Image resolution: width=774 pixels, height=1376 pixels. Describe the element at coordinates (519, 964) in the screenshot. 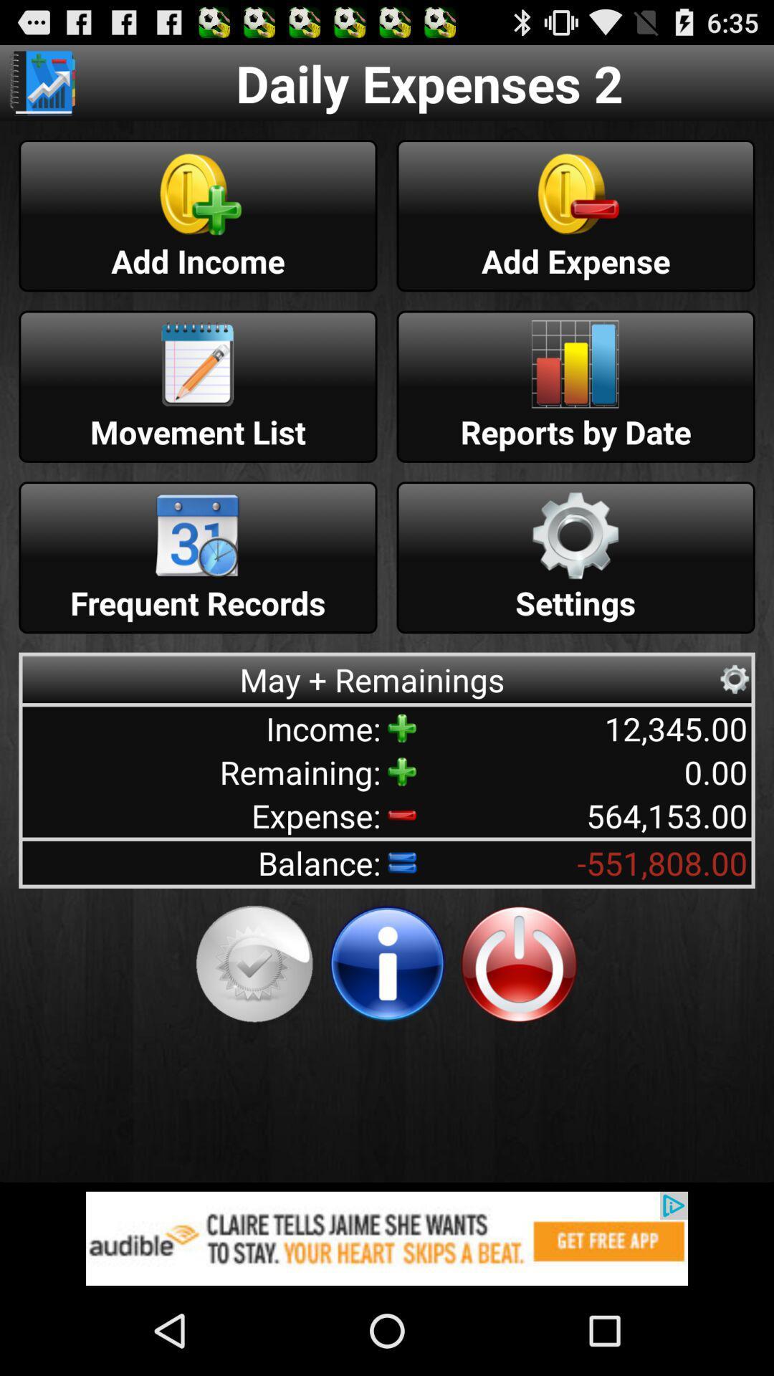

I see `the app` at that location.